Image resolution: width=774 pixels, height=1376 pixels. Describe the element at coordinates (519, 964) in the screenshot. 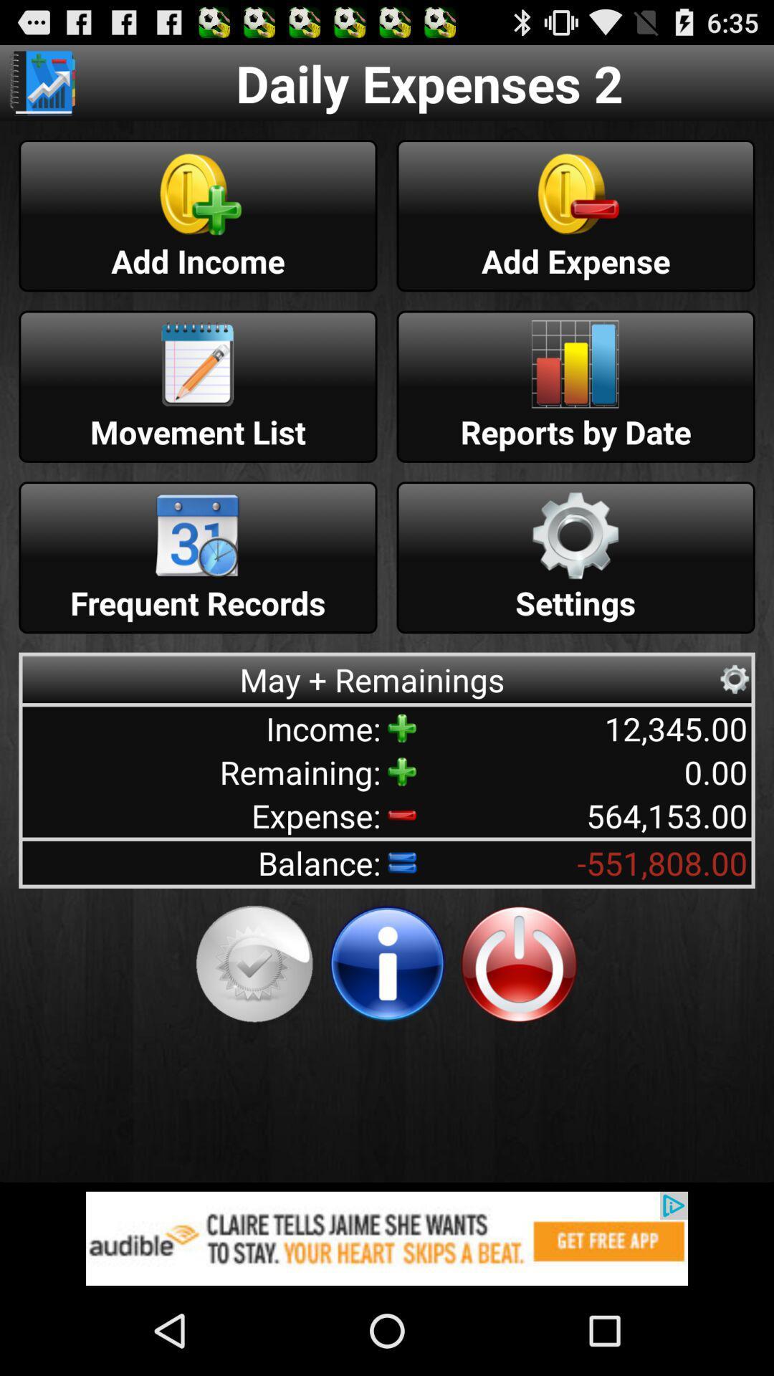

I see `the app` at that location.